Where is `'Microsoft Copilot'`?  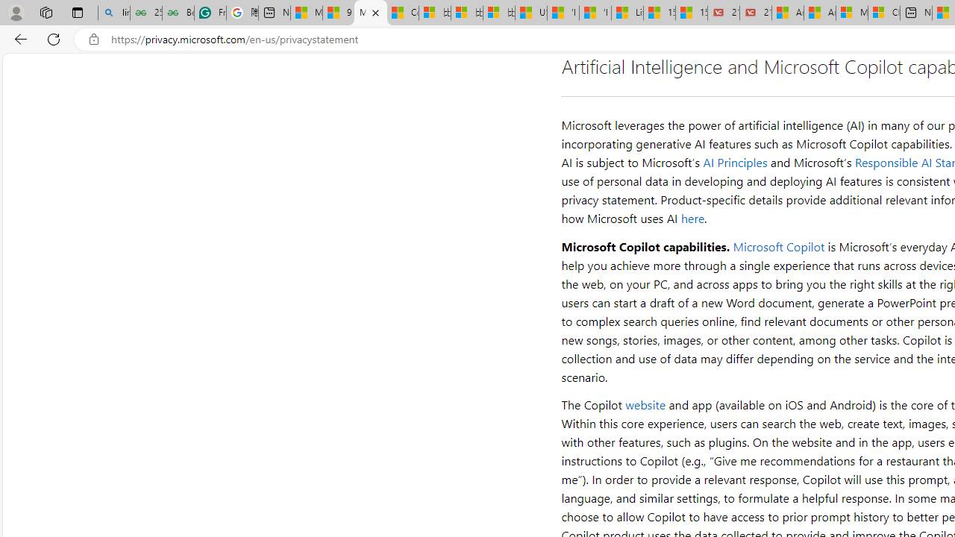
'Microsoft Copilot' is located at coordinates (777, 245).